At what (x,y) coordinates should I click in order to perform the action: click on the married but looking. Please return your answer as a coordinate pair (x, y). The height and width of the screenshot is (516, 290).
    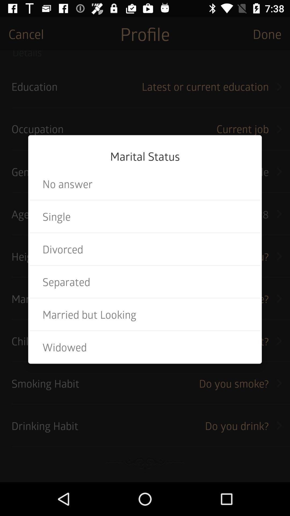
    Looking at the image, I should click on (145, 314).